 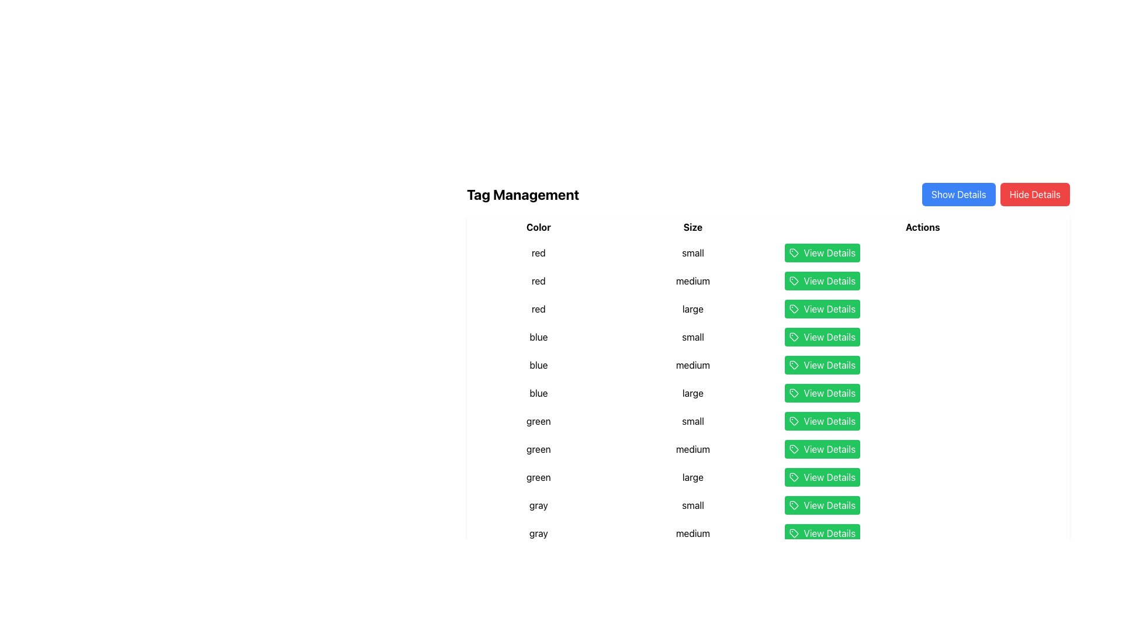 What do you see at coordinates (692, 252) in the screenshot?
I see `the label displaying the text 'small' located under the 'Size' column in the table, positioned between 'red' and 'View Details'` at bounding box center [692, 252].